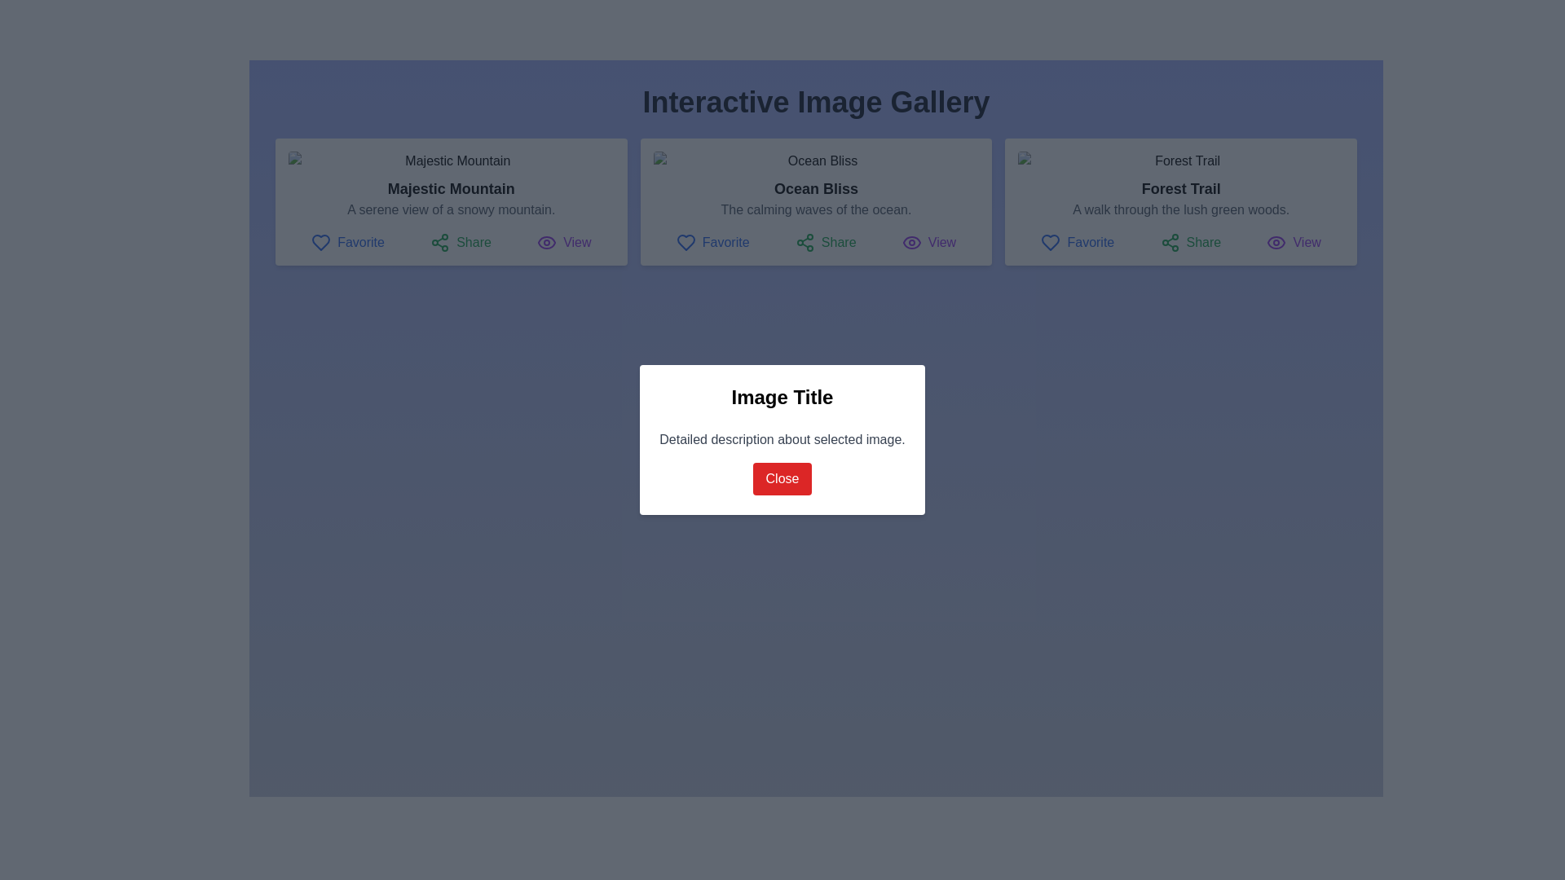  What do you see at coordinates (1276, 242) in the screenshot?
I see `the eye-shaped icon with a purple outline next to the 'View' label in the 'Forest Trail' section` at bounding box center [1276, 242].